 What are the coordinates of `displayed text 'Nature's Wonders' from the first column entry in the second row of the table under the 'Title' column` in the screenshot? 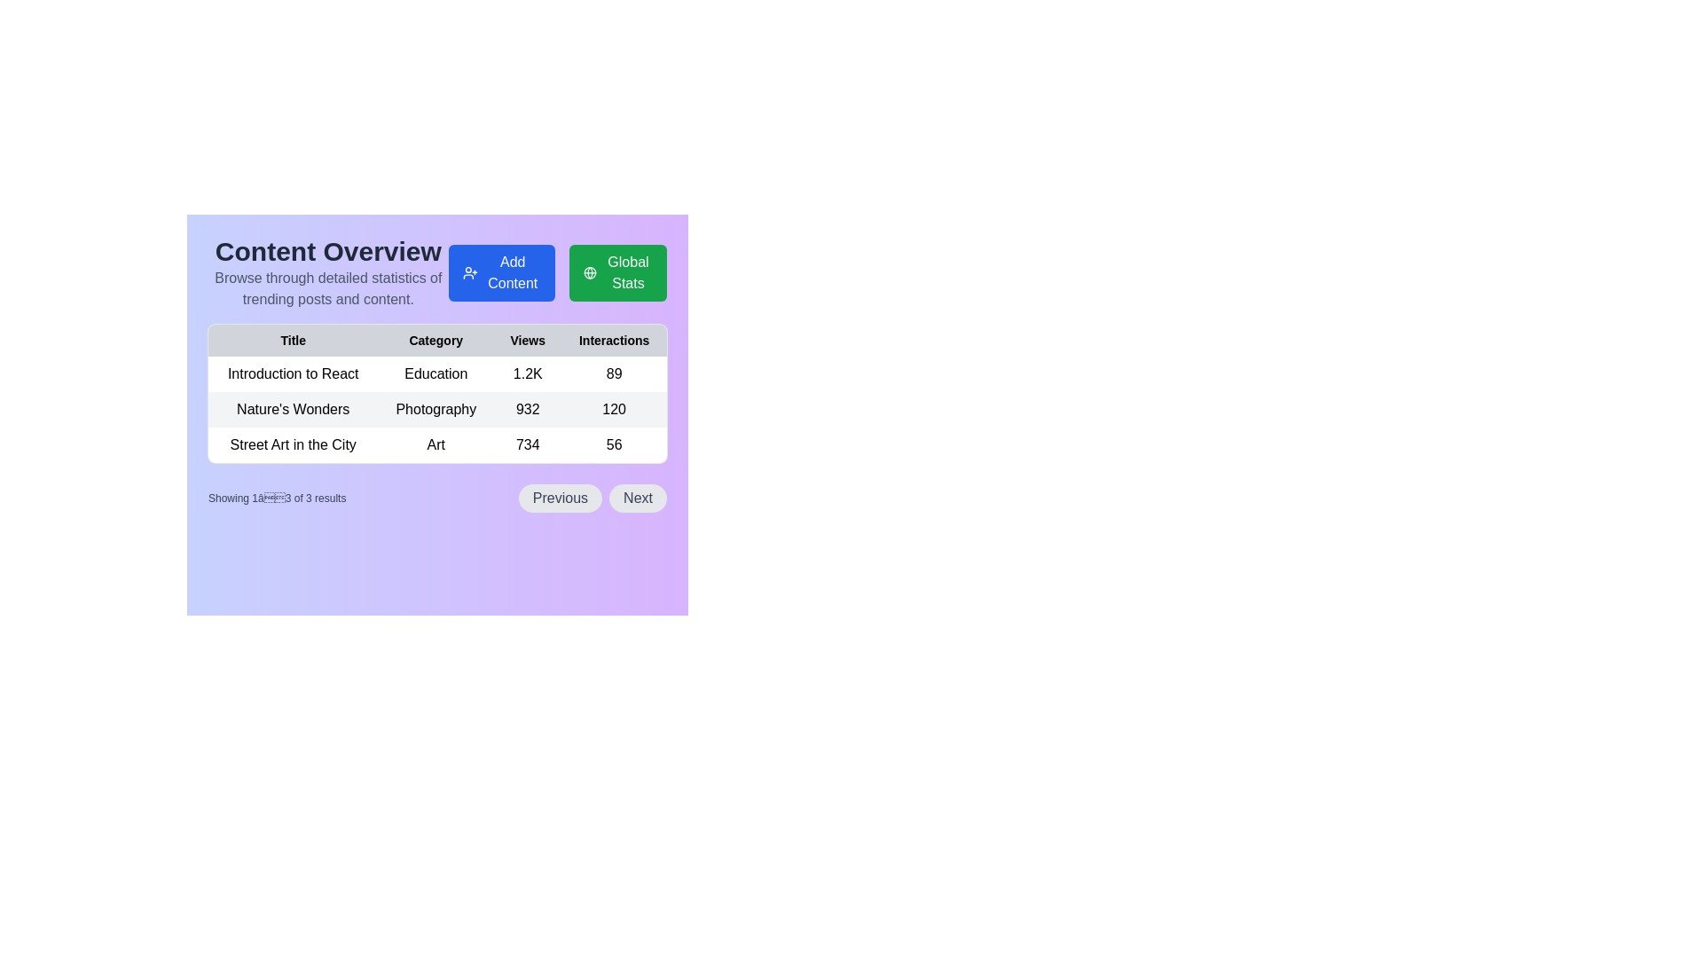 It's located at (293, 410).